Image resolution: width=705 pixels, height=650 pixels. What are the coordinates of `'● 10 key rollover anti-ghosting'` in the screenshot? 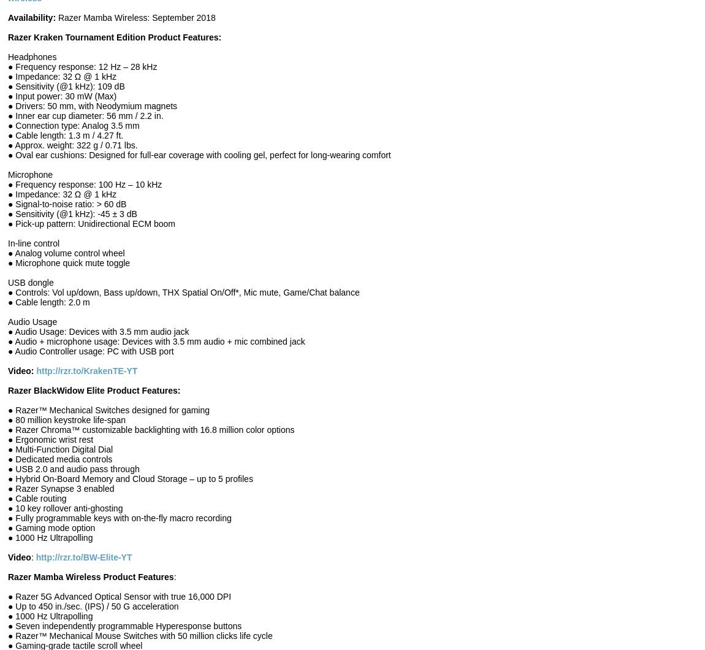 It's located at (64, 508).